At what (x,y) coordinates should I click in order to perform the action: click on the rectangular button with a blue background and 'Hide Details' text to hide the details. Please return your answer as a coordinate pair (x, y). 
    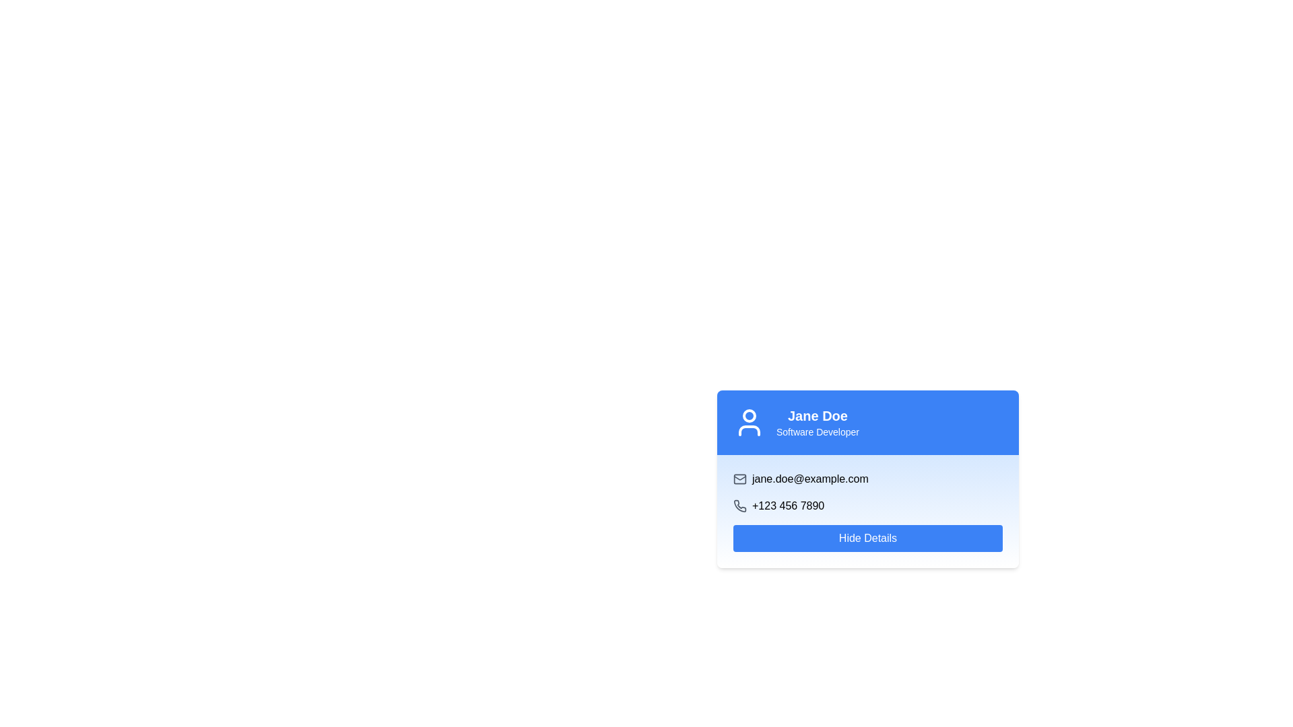
    Looking at the image, I should click on (868, 537).